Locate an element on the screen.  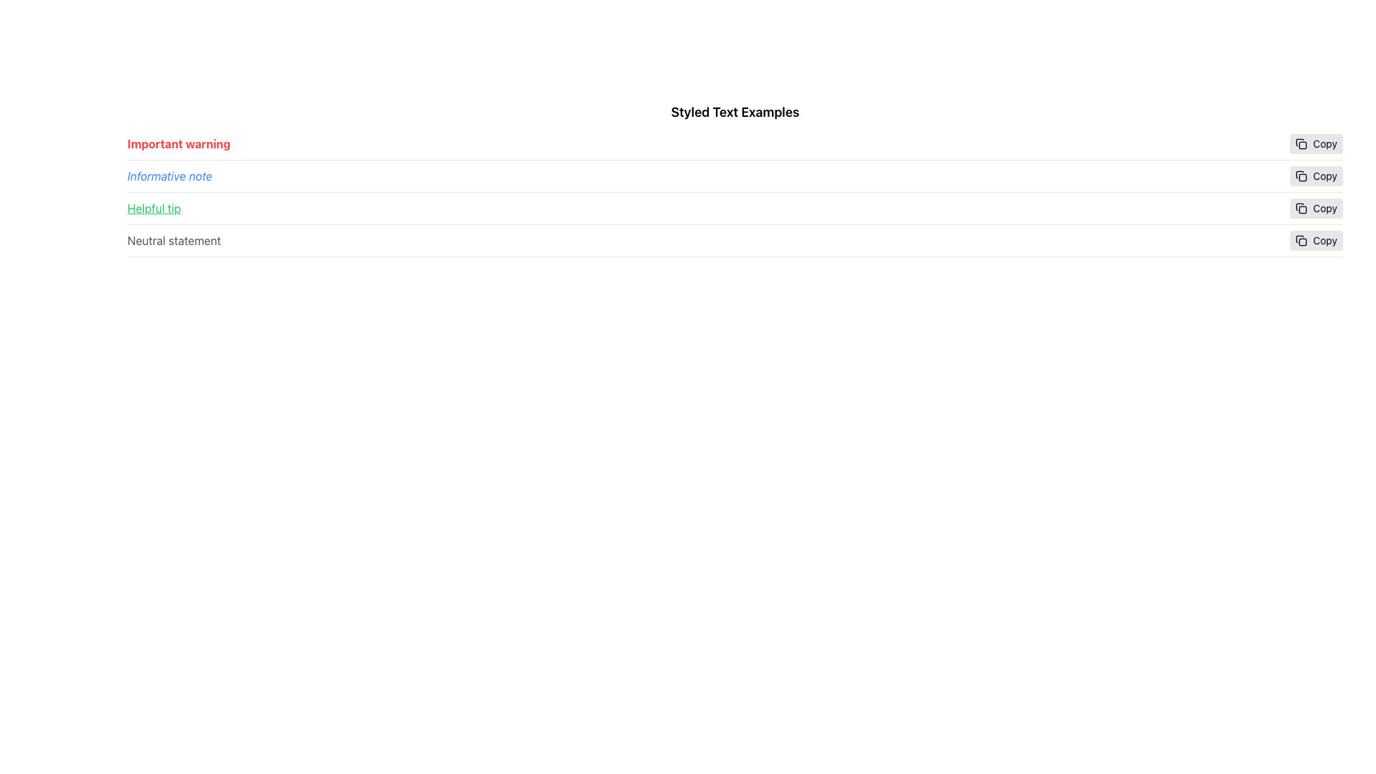
the icon within the 'Copy' button, which is positioned at the far-right end of the fourth row labeled 'Neutral statement' is located at coordinates (1301, 239).